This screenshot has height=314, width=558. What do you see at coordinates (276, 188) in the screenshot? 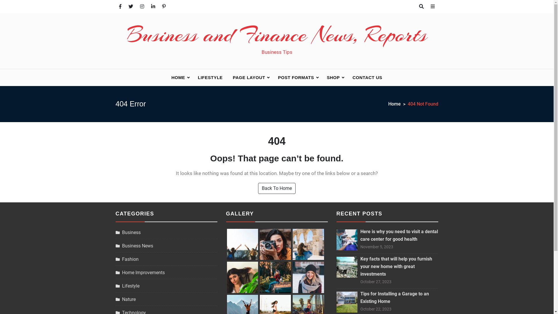
I see `'Back To Home'` at bounding box center [276, 188].